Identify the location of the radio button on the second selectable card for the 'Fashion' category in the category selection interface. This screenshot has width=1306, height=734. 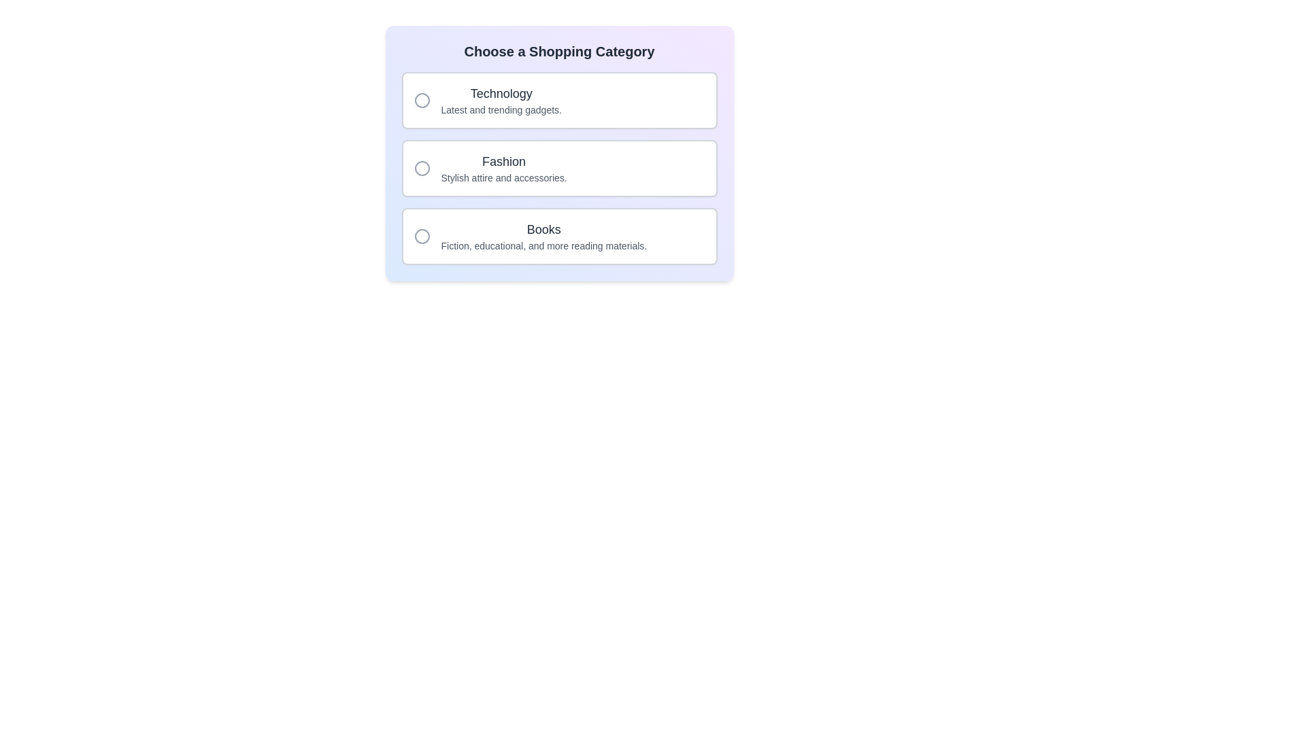
(559, 167).